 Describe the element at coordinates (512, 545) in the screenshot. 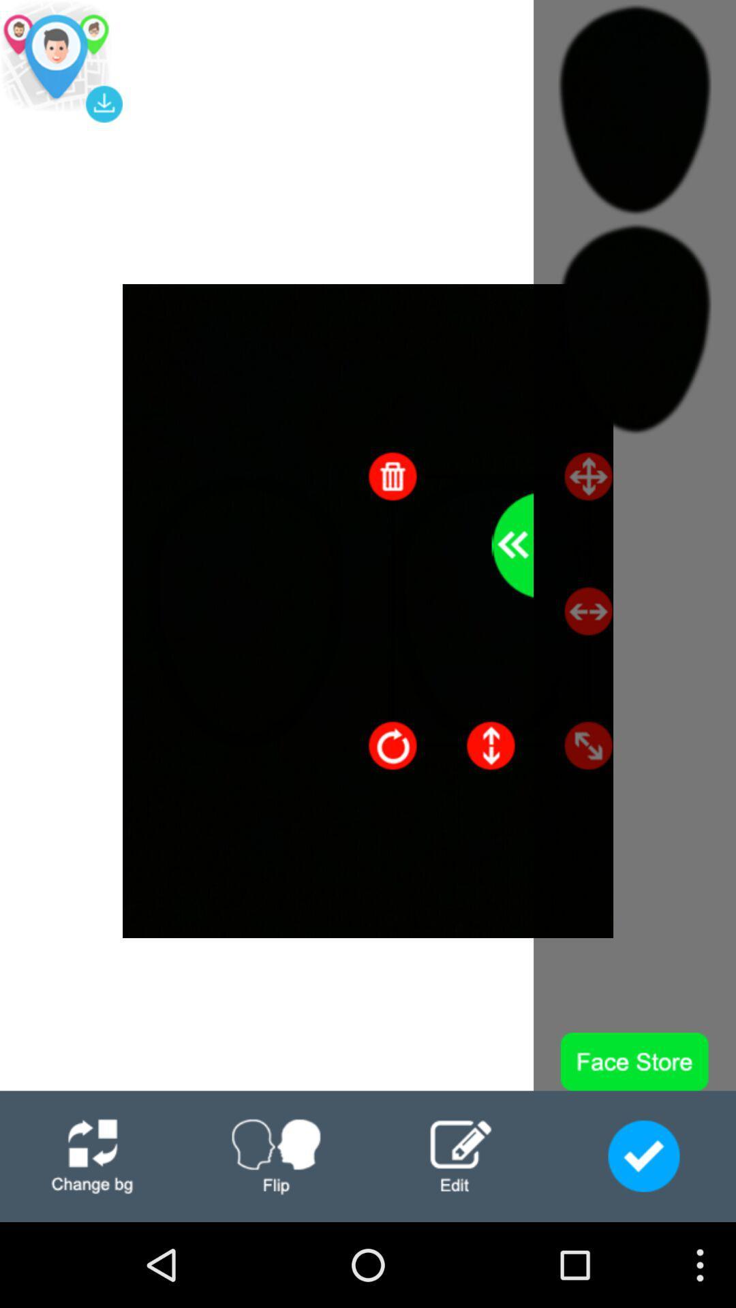

I see `previous` at that location.